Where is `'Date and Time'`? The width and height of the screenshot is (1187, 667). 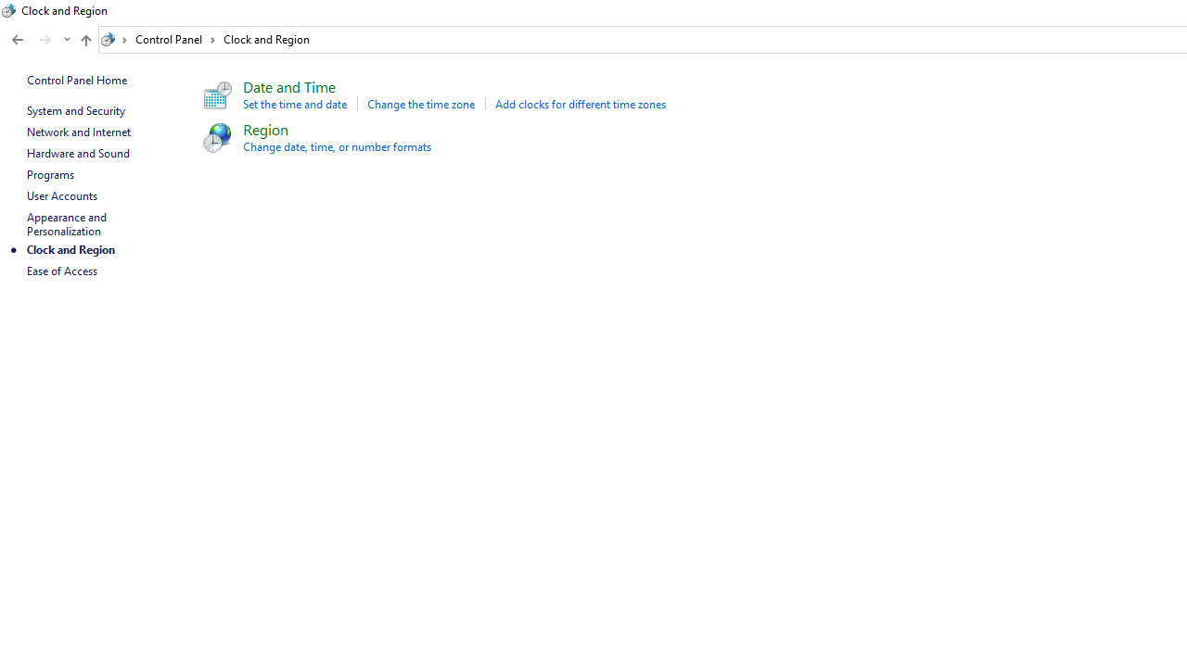 'Date and Time' is located at coordinates (287, 86).